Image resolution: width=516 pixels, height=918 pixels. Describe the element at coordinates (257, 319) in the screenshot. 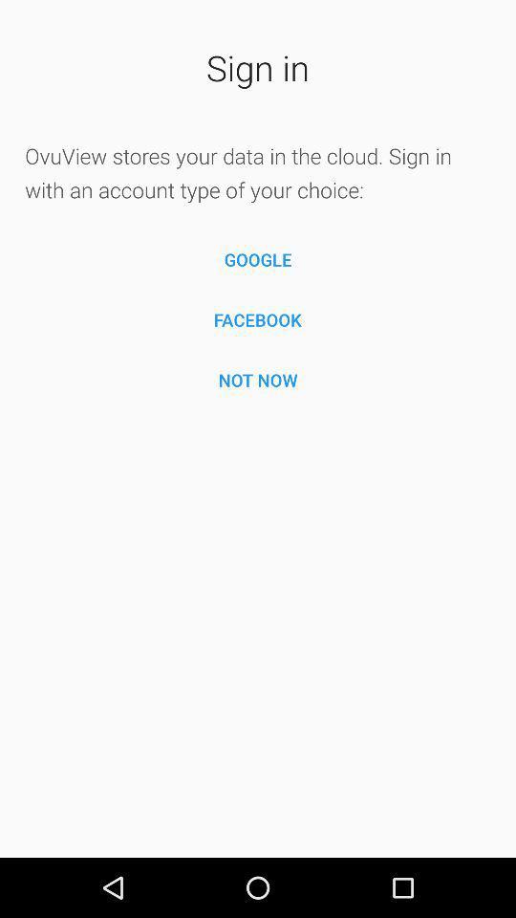

I see `icon below google item` at that location.